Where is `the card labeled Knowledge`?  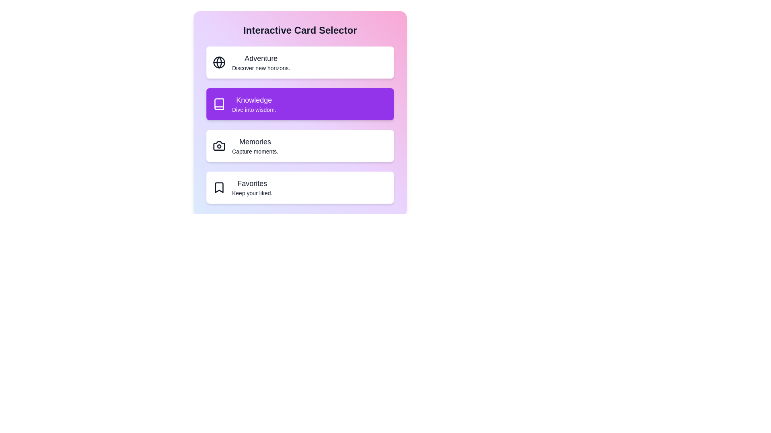 the card labeled Knowledge is located at coordinates (300, 103).